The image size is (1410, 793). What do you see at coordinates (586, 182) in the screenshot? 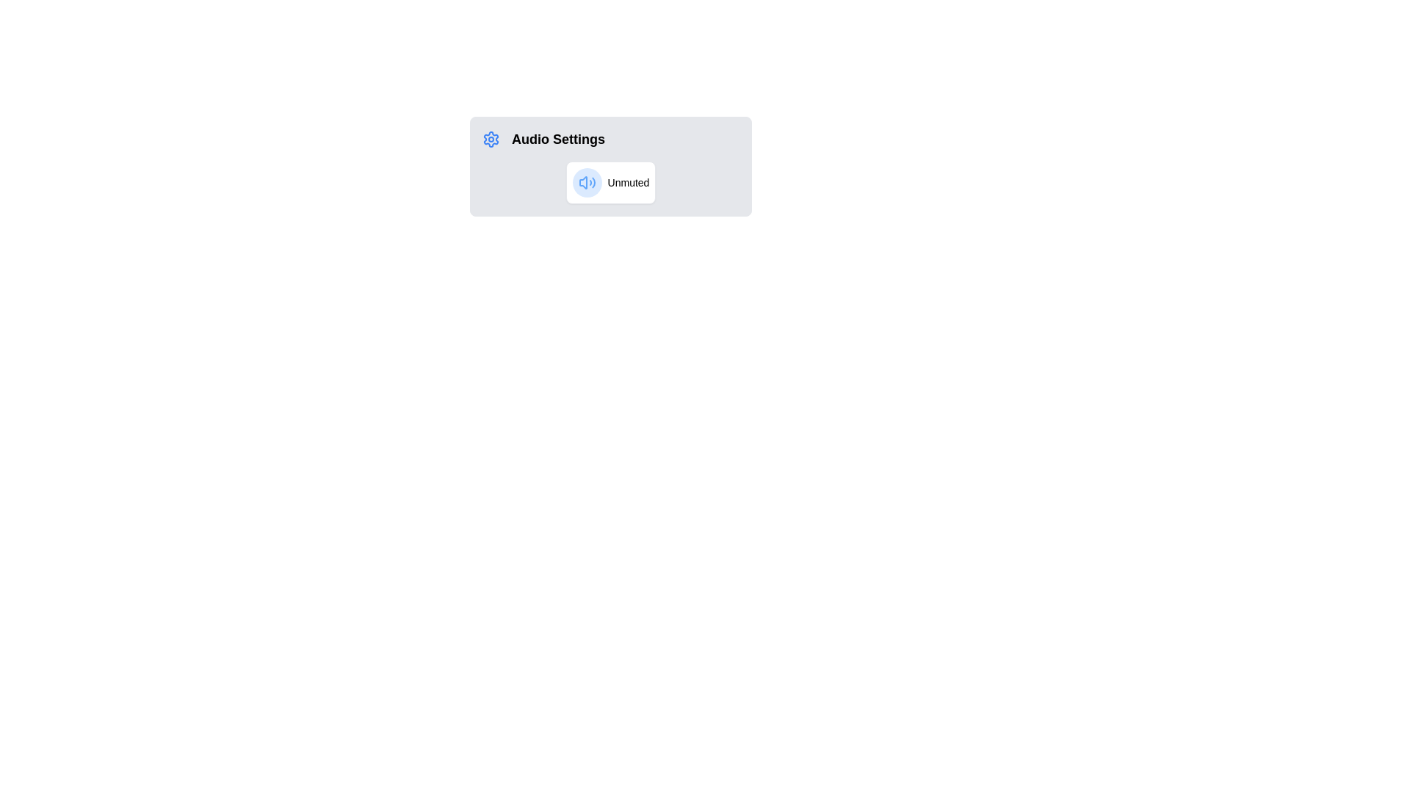
I see `the Decorative icon, which is a blue circular icon with a speaker symbol inside, located to the left of the 'Unmuted' text label within a white rectangular box` at bounding box center [586, 182].